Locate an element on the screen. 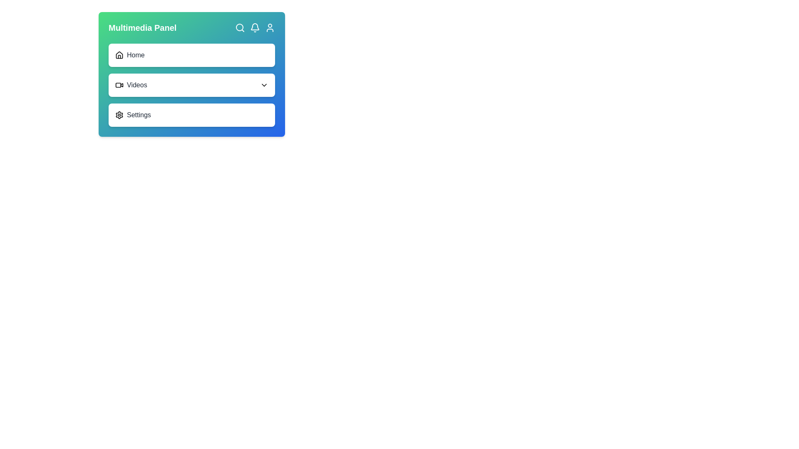 This screenshot has height=449, width=799. the 'Home' button icon located in the multimedia panel, positioned at the top-left area as the first icon in the navigation options group is located at coordinates (119, 54).